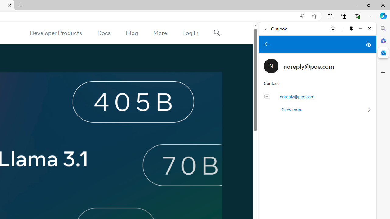 The width and height of the screenshot is (390, 219). Describe the element at coordinates (190, 33) in the screenshot. I see `'Log In'` at that location.